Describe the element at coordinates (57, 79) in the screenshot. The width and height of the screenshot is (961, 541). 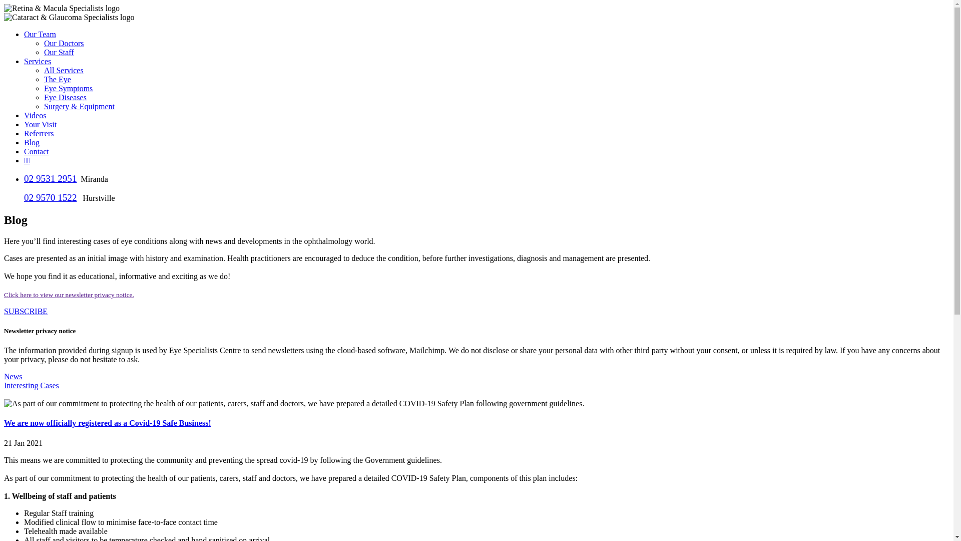
I see `'The Eye'` at that location.